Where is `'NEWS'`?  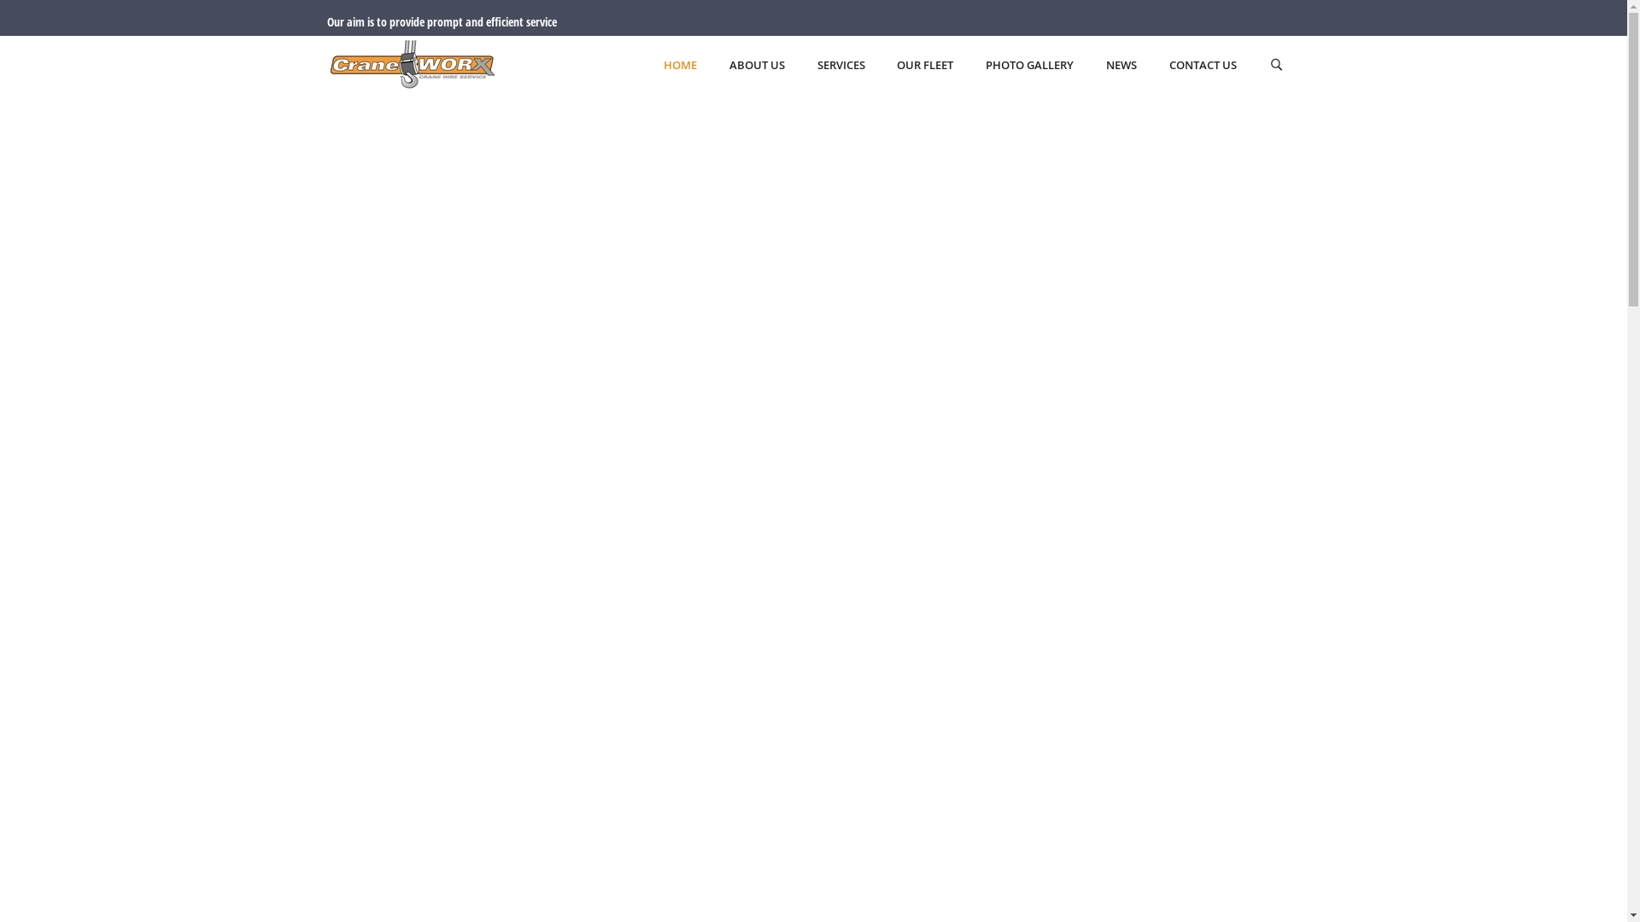 'NEWS' is located at coordinates (1122, 65).